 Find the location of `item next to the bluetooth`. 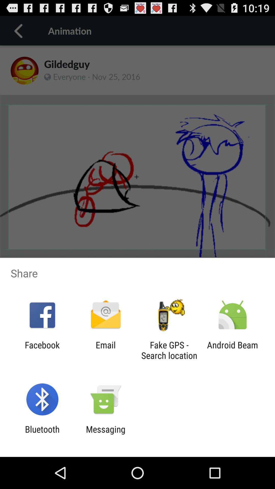

item next to the bluetooth is located at coordinates (105, 434).